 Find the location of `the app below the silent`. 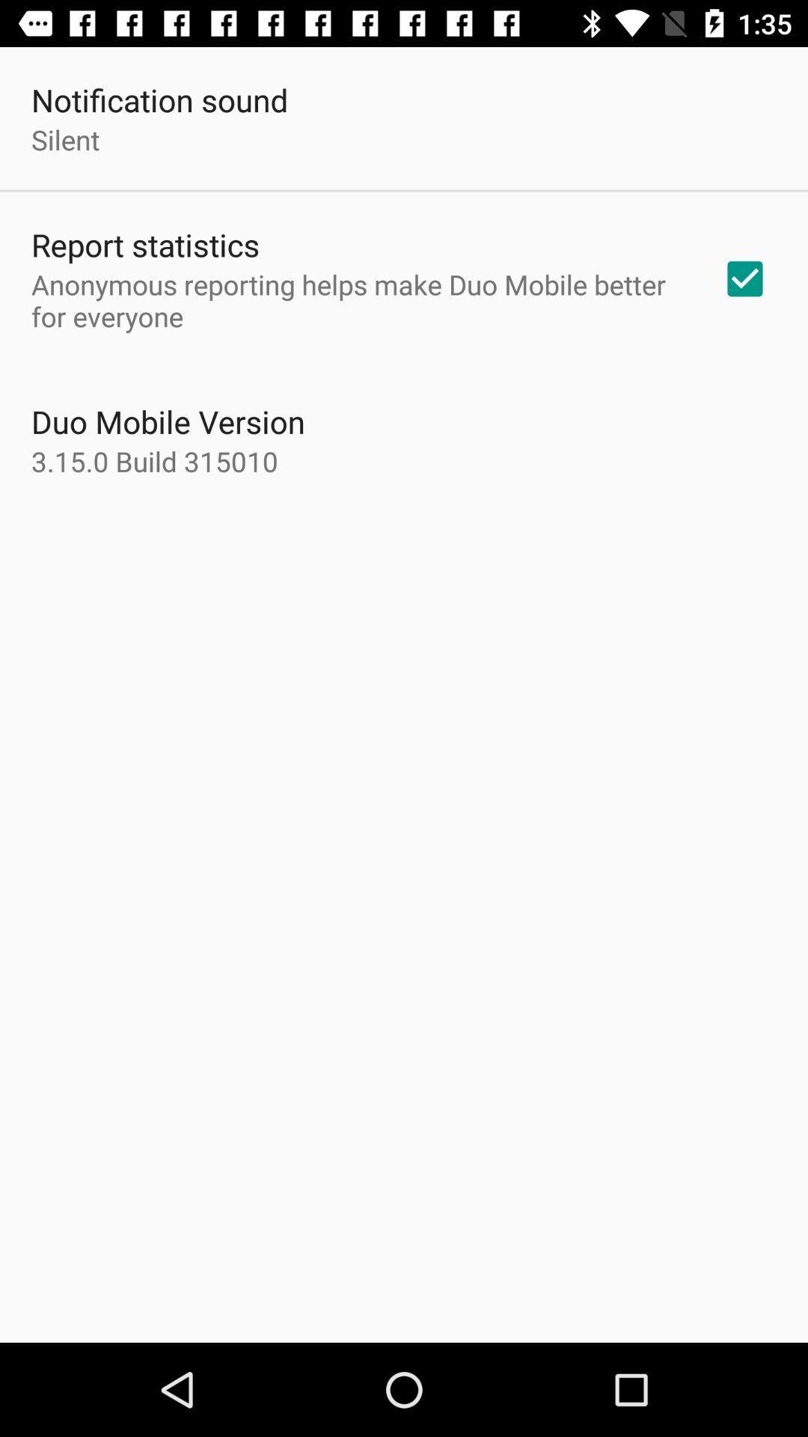

the app below the silent is located at coordinates (145, 244).